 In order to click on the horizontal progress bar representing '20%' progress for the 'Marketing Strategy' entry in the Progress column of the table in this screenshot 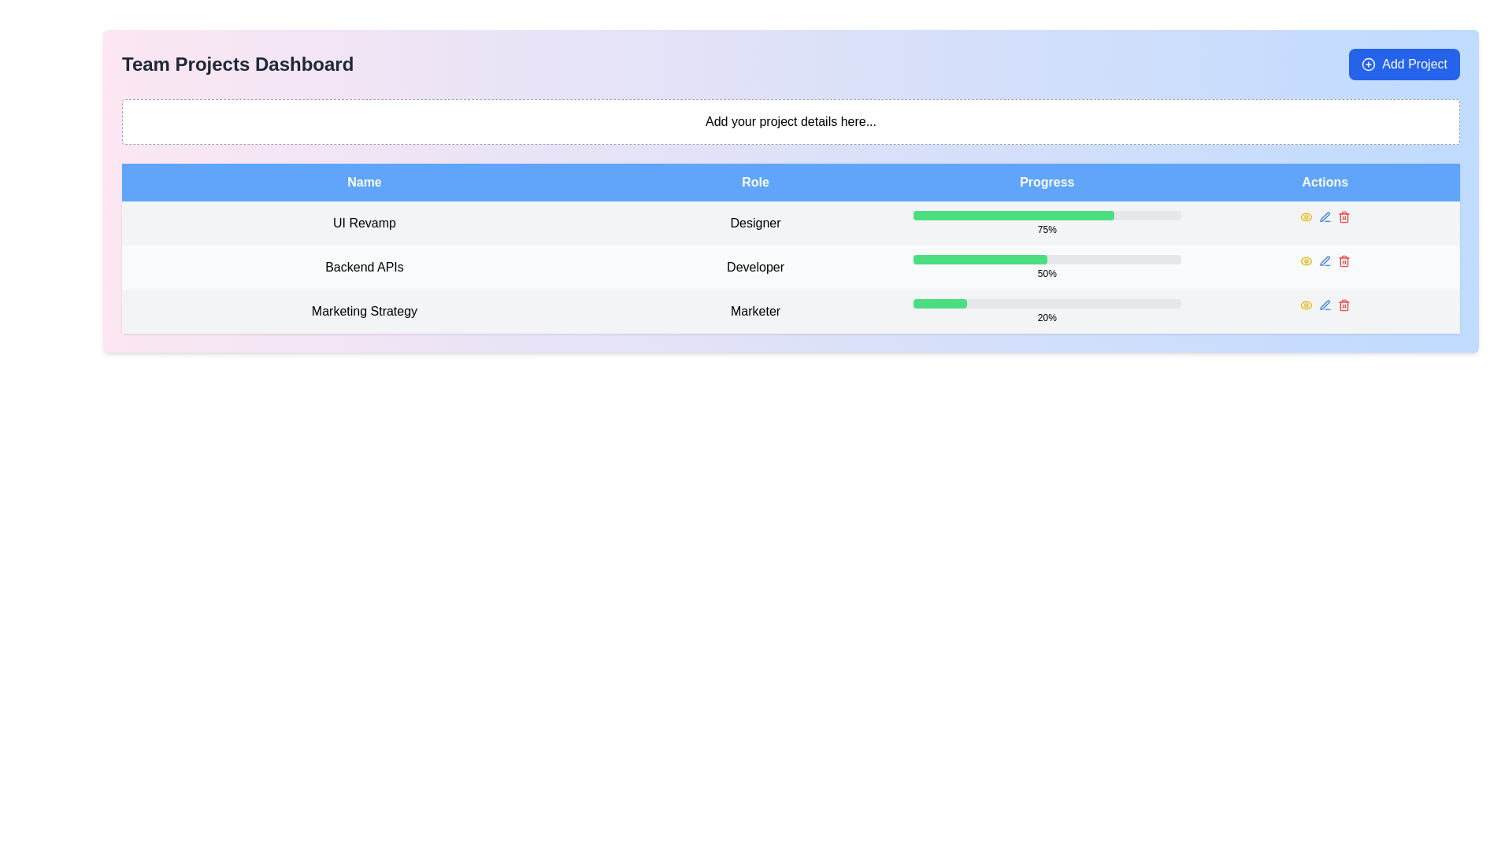, I will do `click(1047, 303)`.